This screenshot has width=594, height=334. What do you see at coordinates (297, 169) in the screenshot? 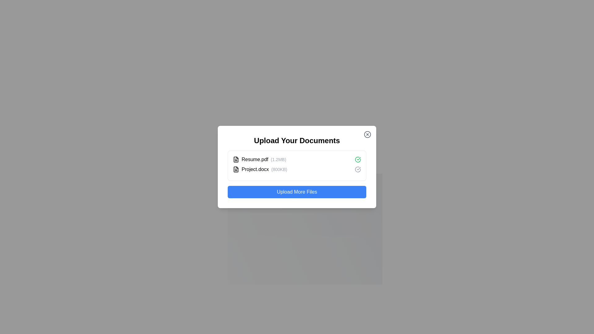
I see `the File details display with status indicators, which is the second item in the list of uploaded files below 'Resume.pdf (1.2MB)' in the 'Upload Your Documents' dialog box` at bounding box center [297, 169].